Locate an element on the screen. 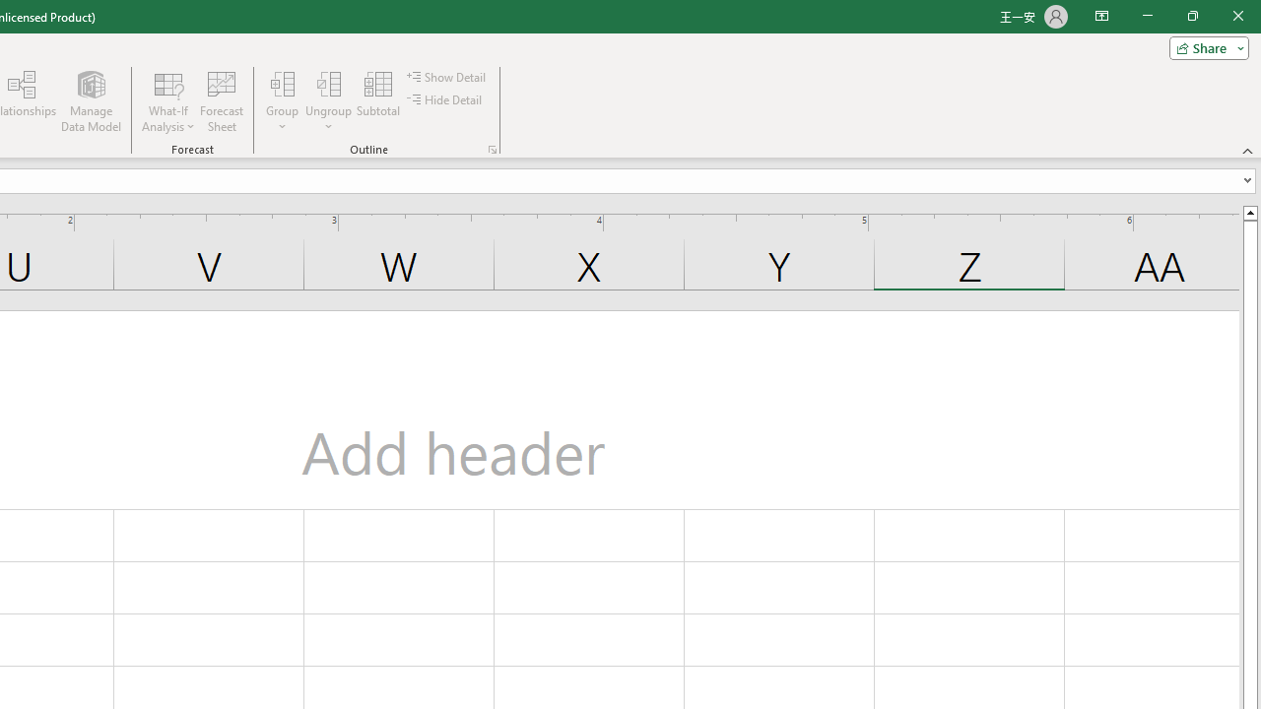 This screenshot has height=709, width=1261. 'Ribbon Display Options' is located at coordinates (1100, 16).